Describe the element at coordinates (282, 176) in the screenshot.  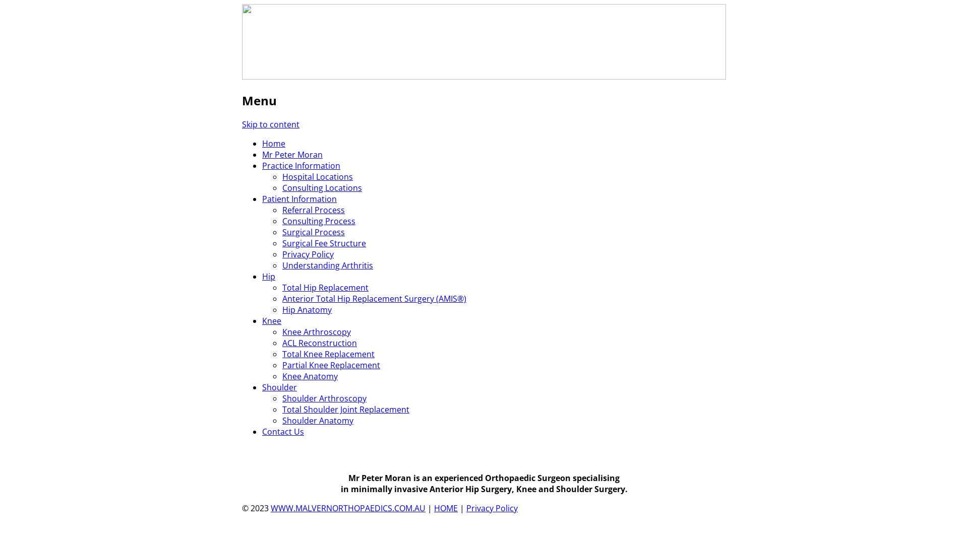
I see `'Hospital Locations'` at that location.